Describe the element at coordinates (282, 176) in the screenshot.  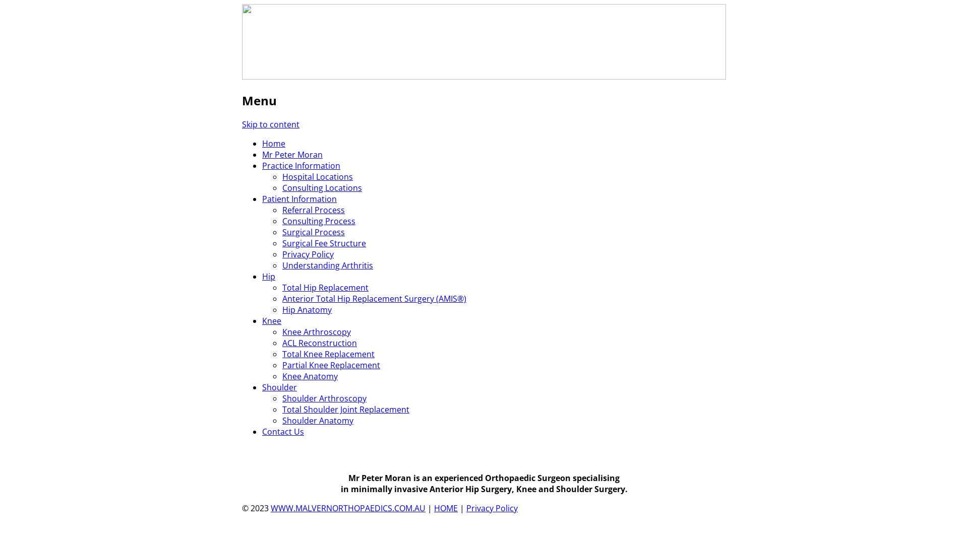
I see `'Hospital Locations'` at that location.